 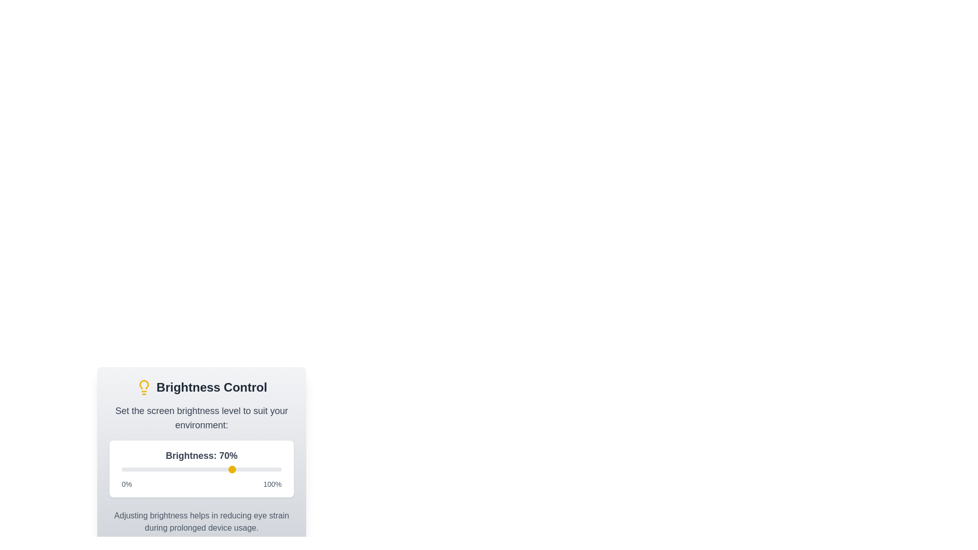 I want to click on the lightbulb icon to toggle its state, so click(x=144, y=387).